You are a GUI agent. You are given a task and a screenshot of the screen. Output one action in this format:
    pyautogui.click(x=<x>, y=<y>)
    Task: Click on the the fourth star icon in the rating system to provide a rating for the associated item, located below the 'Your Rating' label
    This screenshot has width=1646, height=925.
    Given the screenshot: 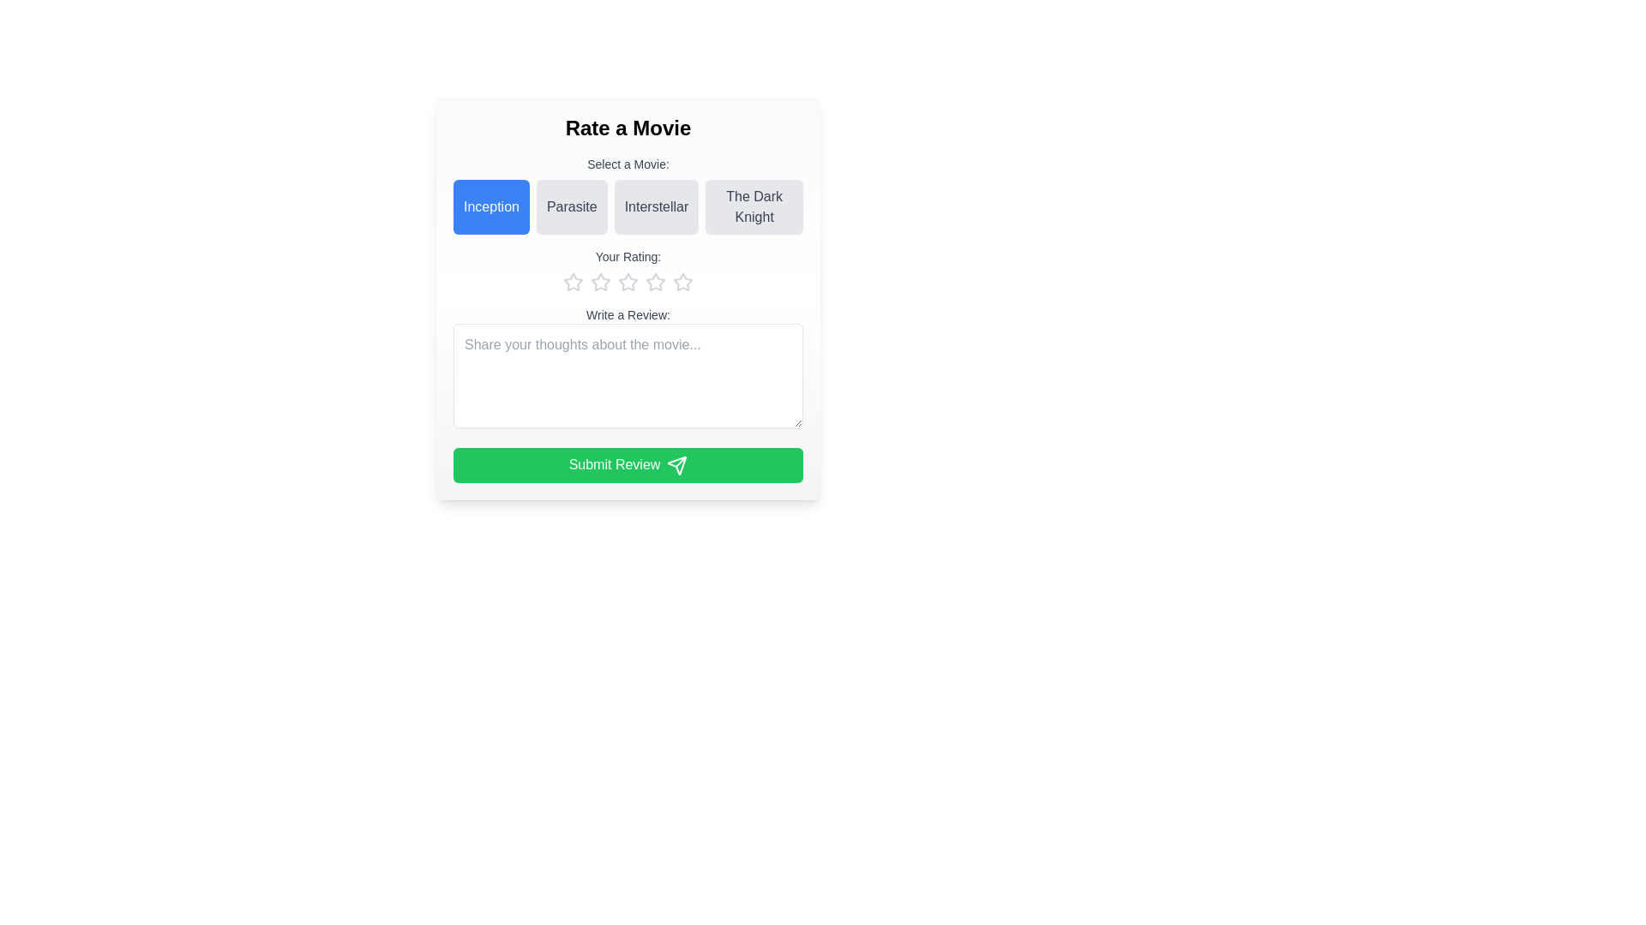 What is the action you would take?
    pyautogui.click(x=654, y=282)
    